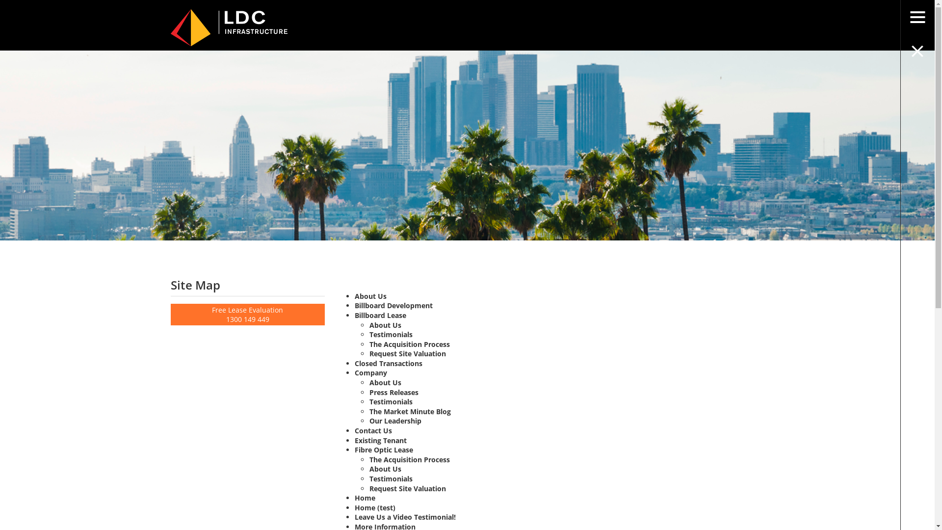 This screenshot has width=942, height=530. What do you see at coordinates (354, 430) in the screenshot?
I see `'Contact Us'` at bounding box center [354, 430].